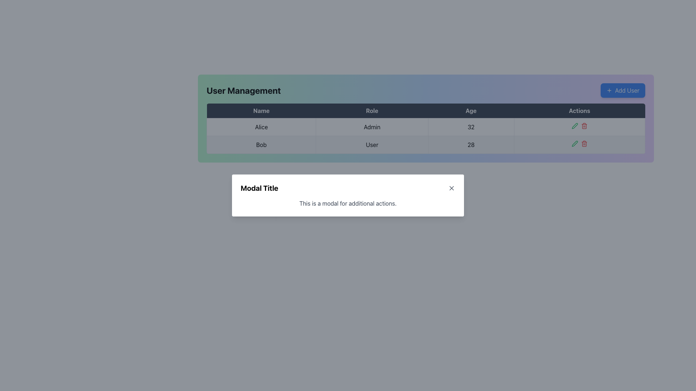 The height and width of the screenshot is (391, 696). I want to click on text '32' displayed in the Table Cell corresponding to Alice's age in the user management interface, so click(471, 127).